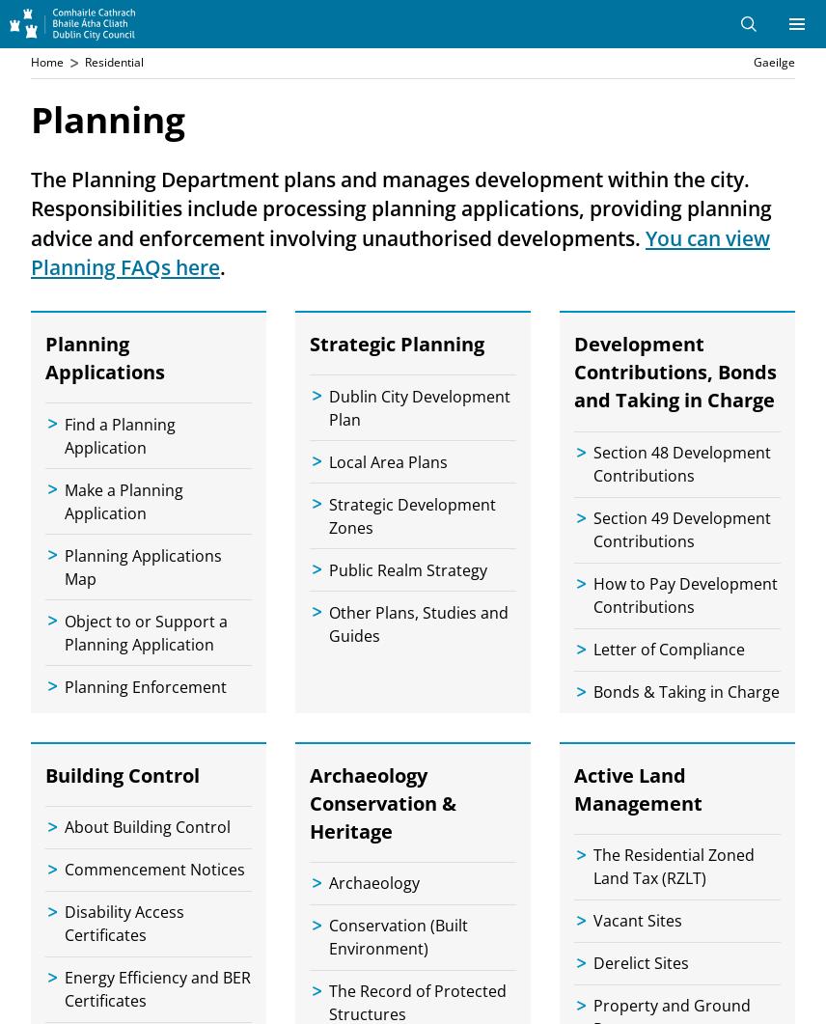 The height and width of the screenshot is (1024, 826). Describe the element at coordinates (641, 961) in the screenshot. I see `'Derelict Sites'` at that location.